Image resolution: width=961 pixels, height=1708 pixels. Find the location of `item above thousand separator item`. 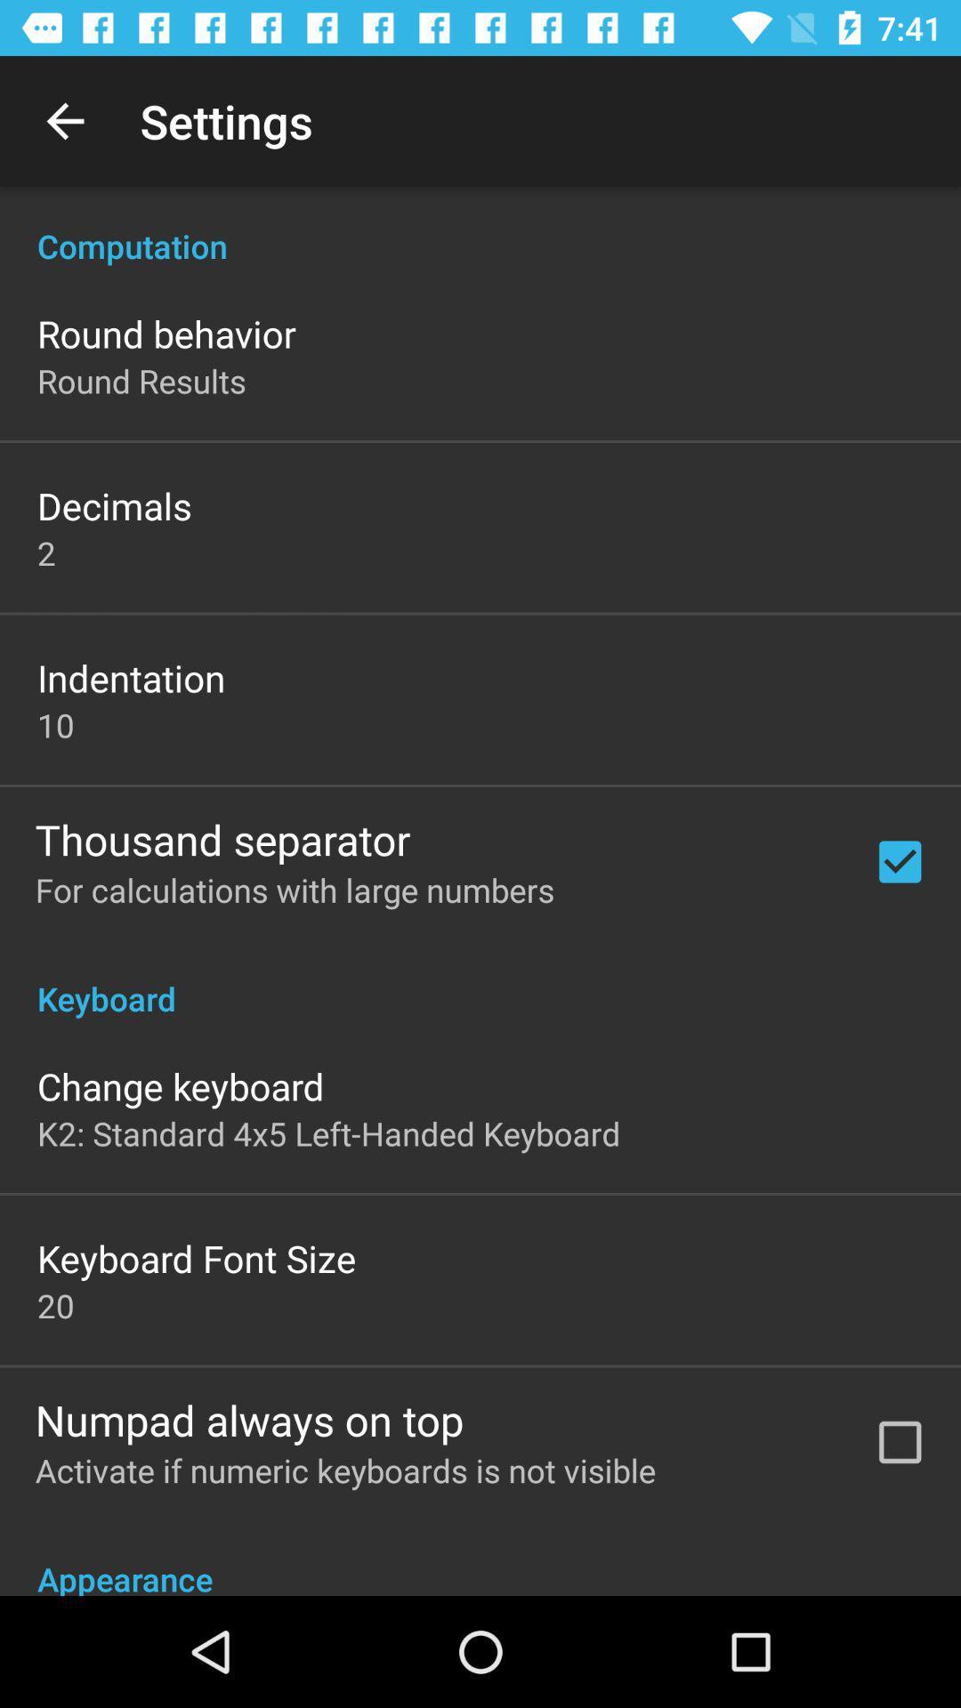

item above thousand separator item is located at coordinates (54, 725).